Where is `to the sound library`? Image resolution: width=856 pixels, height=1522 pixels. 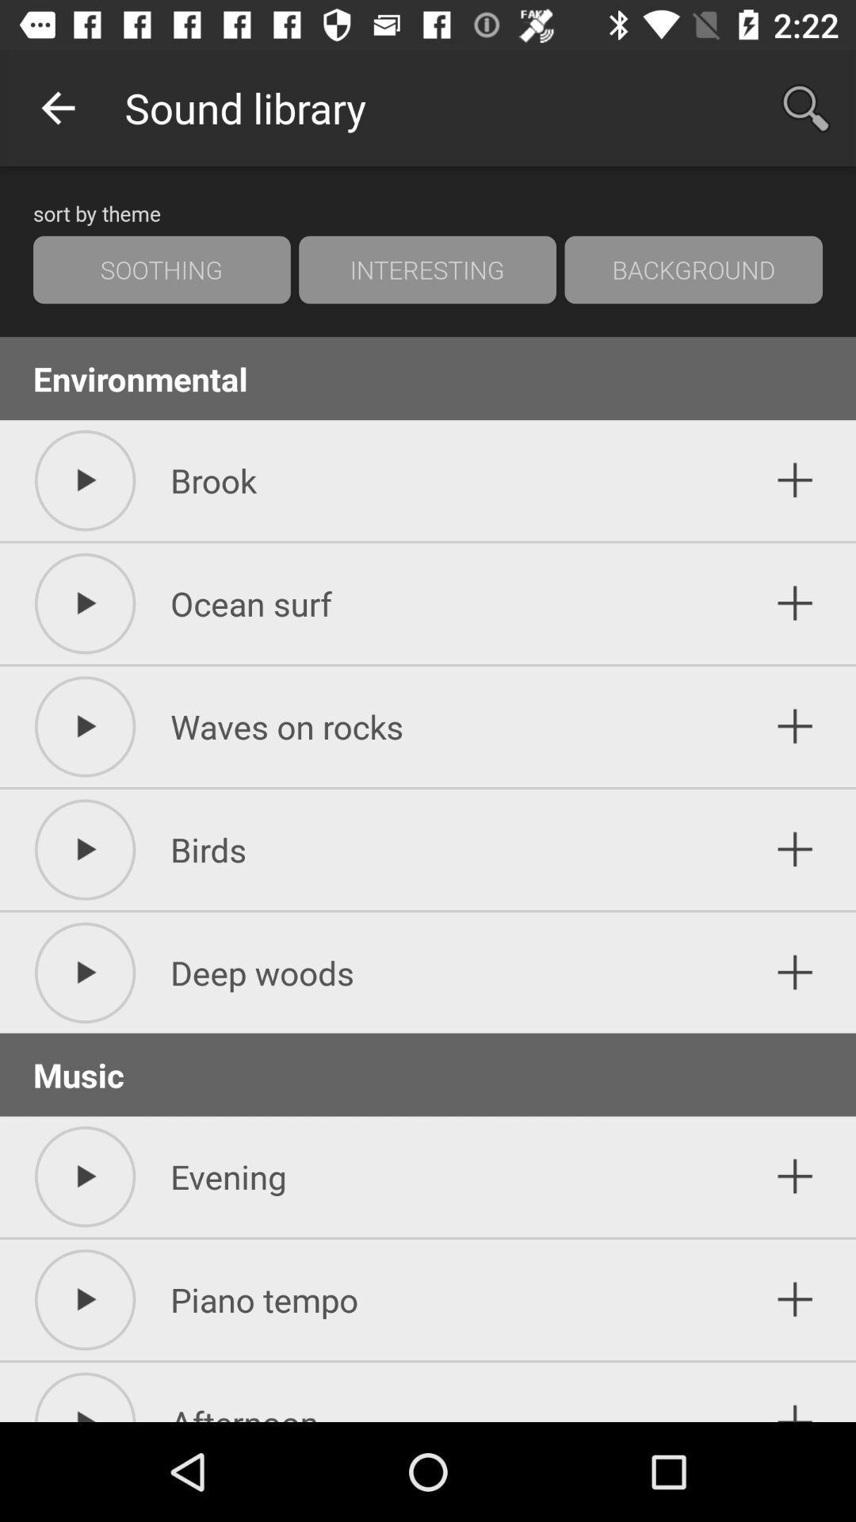 to the sound library is located at coordinates (795, 849).